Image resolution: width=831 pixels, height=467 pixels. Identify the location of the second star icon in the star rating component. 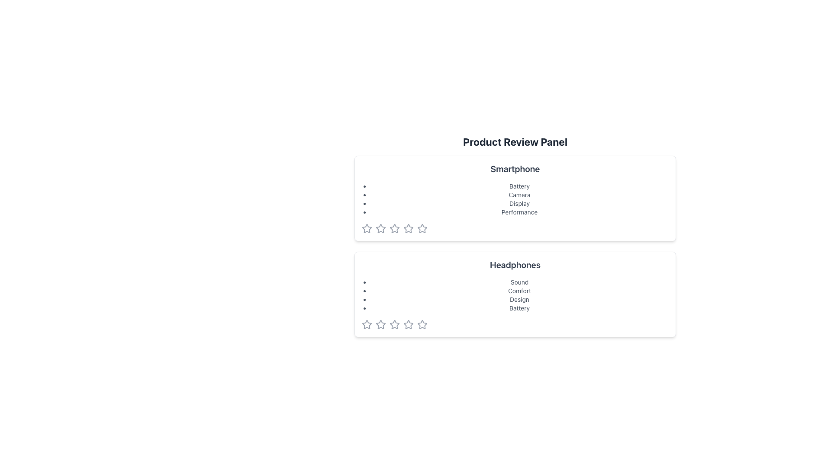
(394, 228).